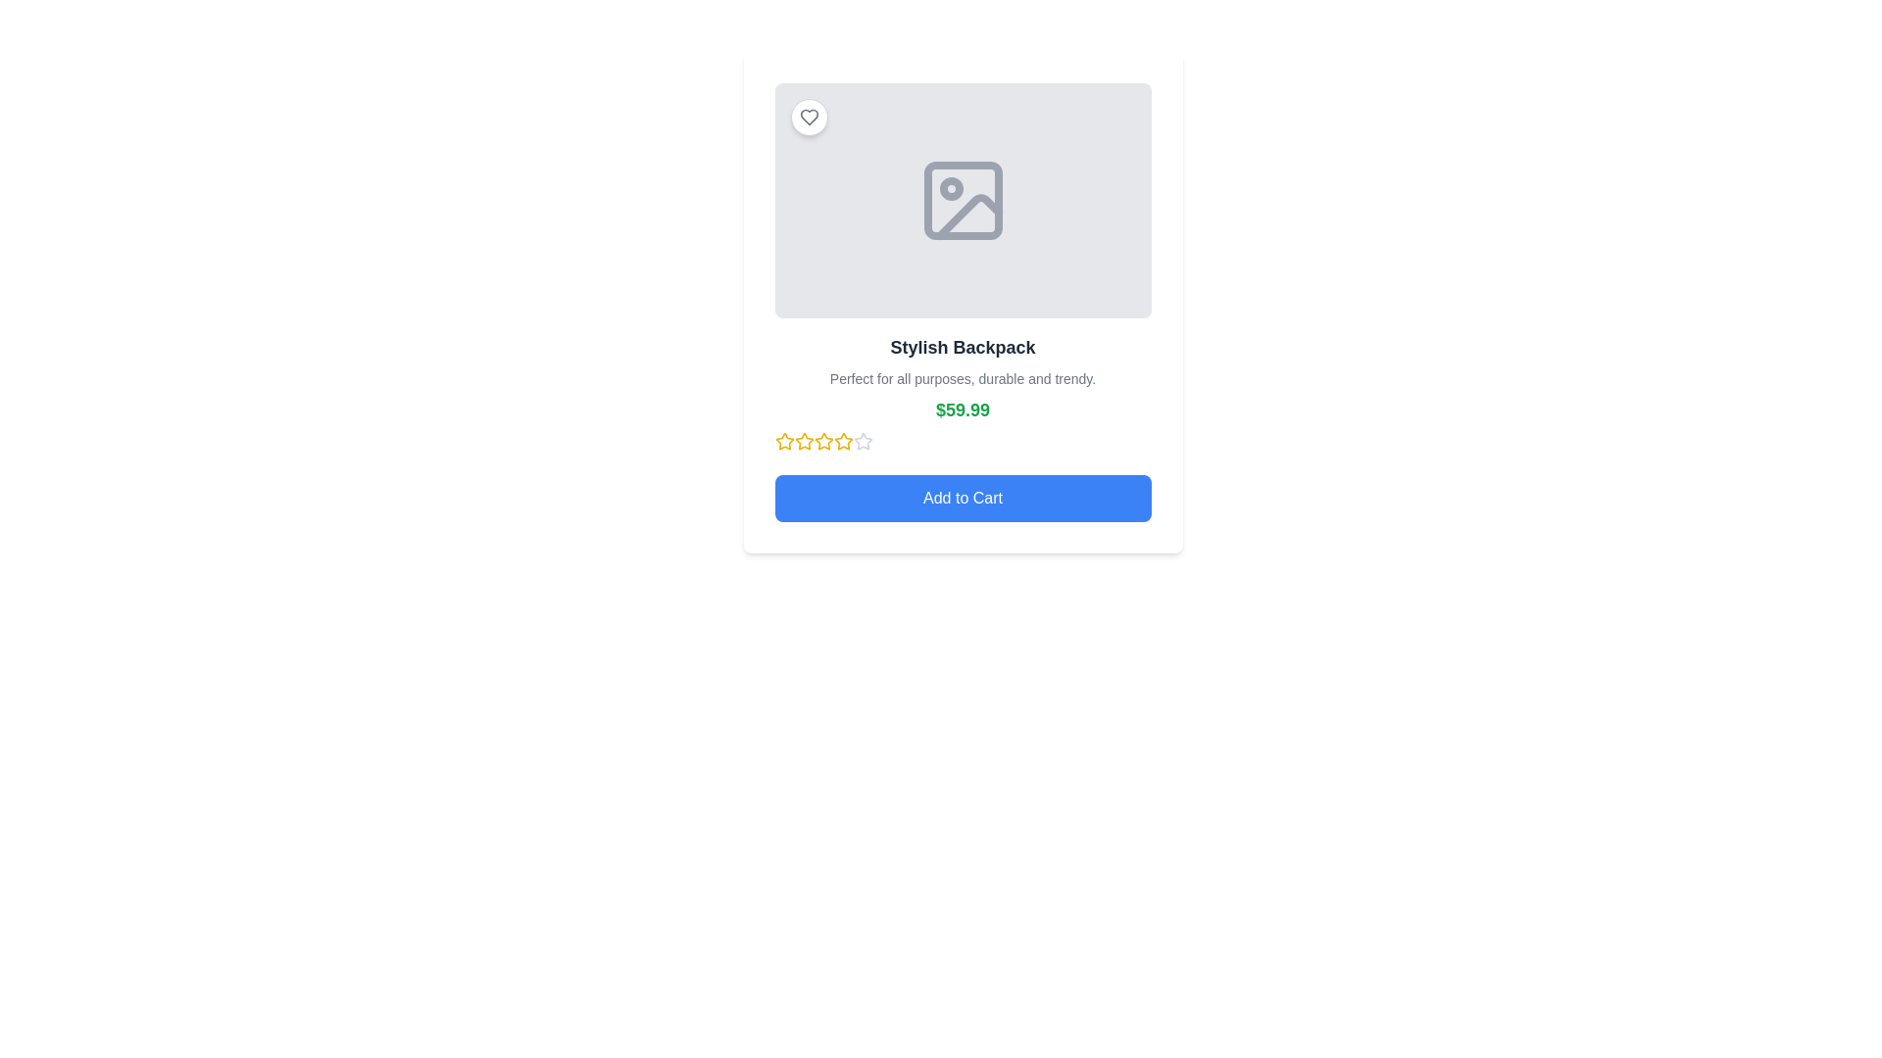 The width and height of the screenshot is (1882, 1058). What do you see at coordinates (863, 441) in the screenshot?
I see `the second star icon in the rating star component to set a two-star rating for the product being reviewed` at bounding box center [863, 441].